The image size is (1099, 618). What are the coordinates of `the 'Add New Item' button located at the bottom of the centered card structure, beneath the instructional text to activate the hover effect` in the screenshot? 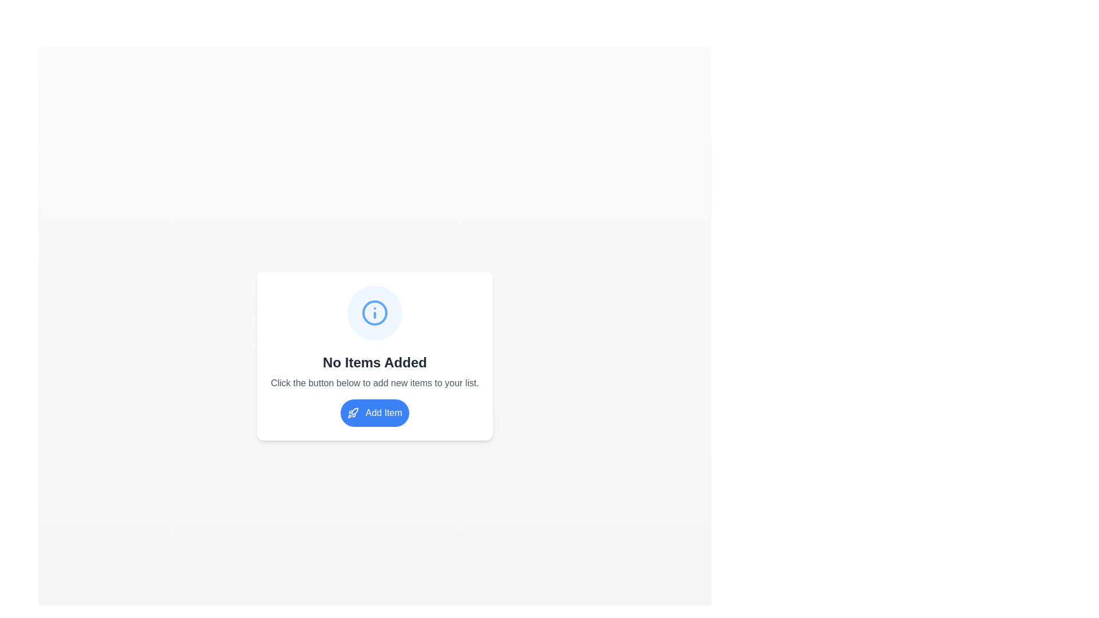 It's located at (374, 413).